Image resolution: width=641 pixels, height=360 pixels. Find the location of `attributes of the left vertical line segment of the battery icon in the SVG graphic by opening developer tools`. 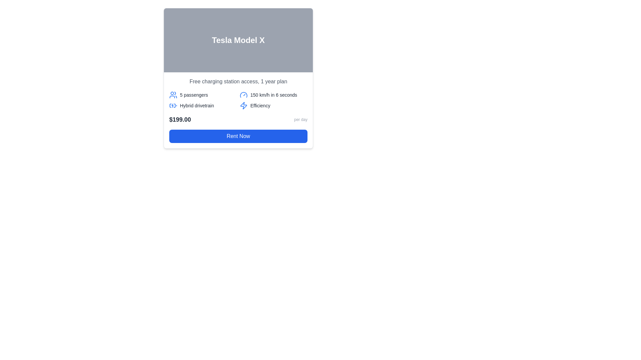

attributes of the left vertical line segment of the battery icon in the SVG graphic by opening developer tools is located at coordinates (170, 105).